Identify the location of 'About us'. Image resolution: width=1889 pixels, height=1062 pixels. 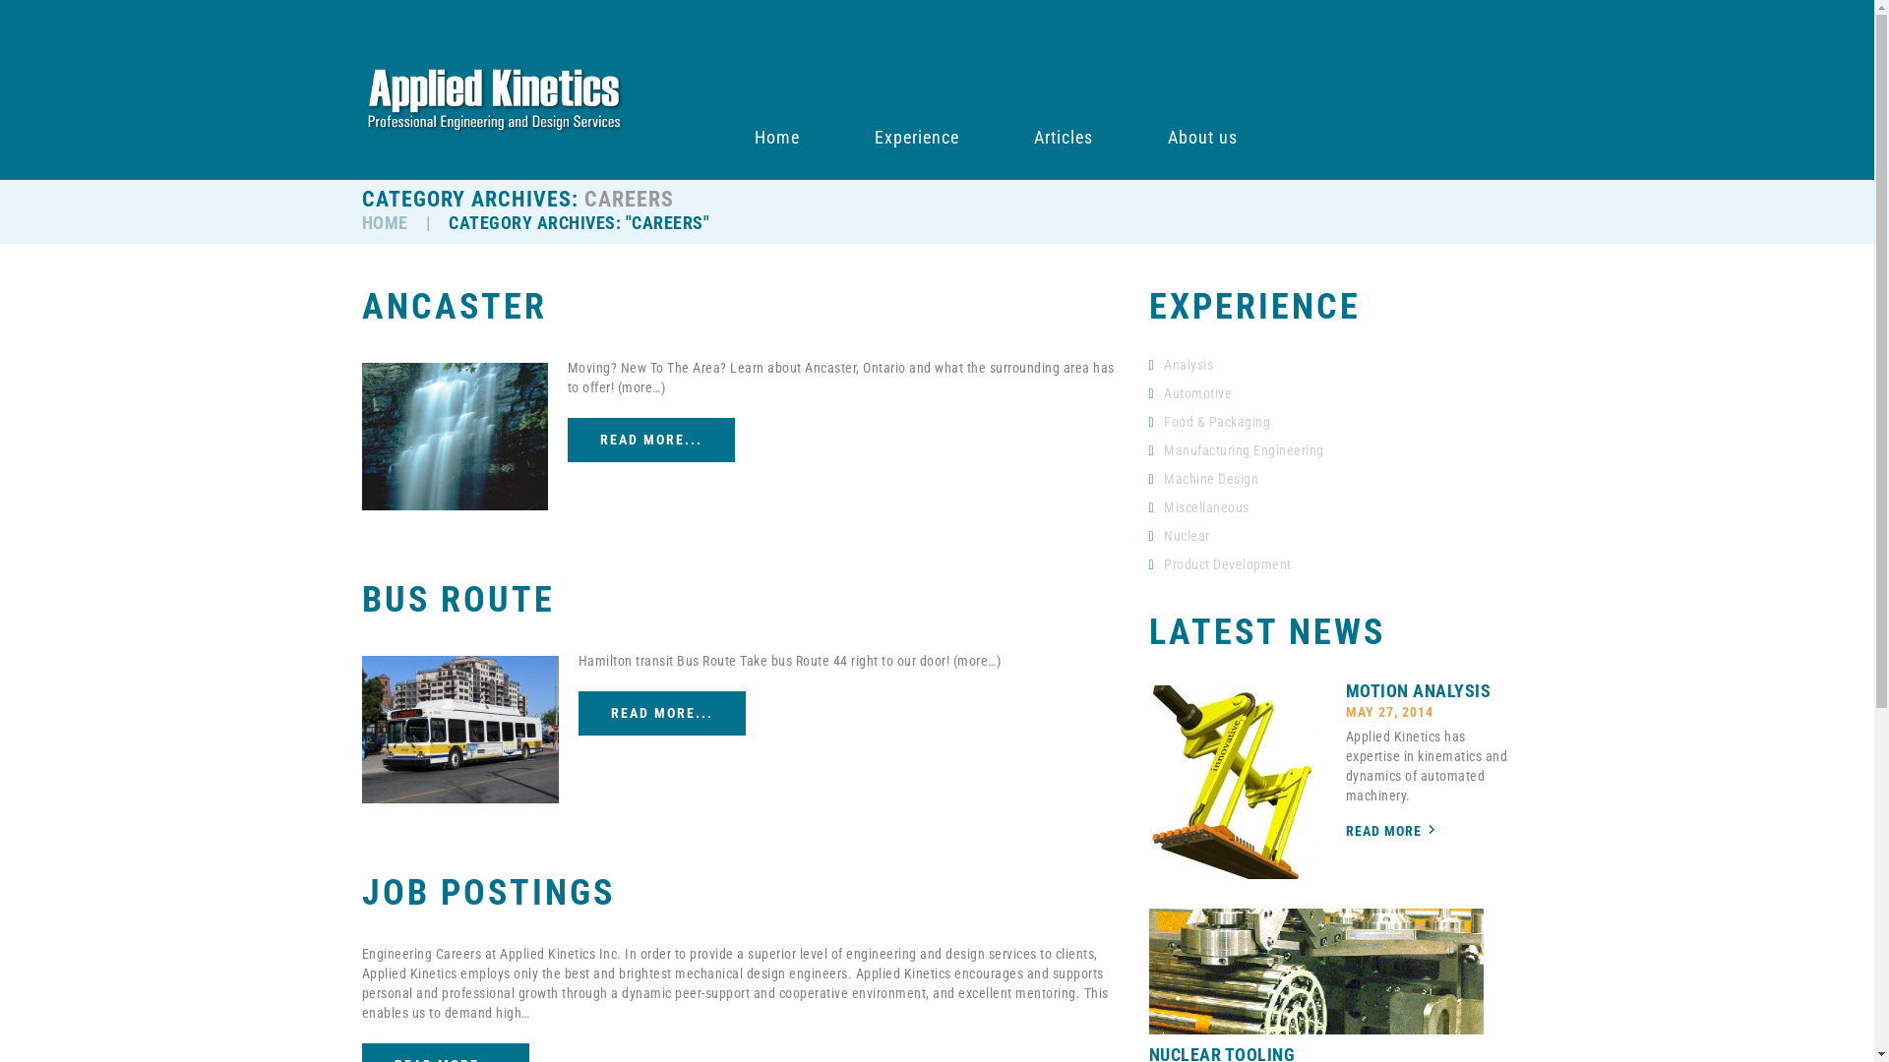
(1201, 136).